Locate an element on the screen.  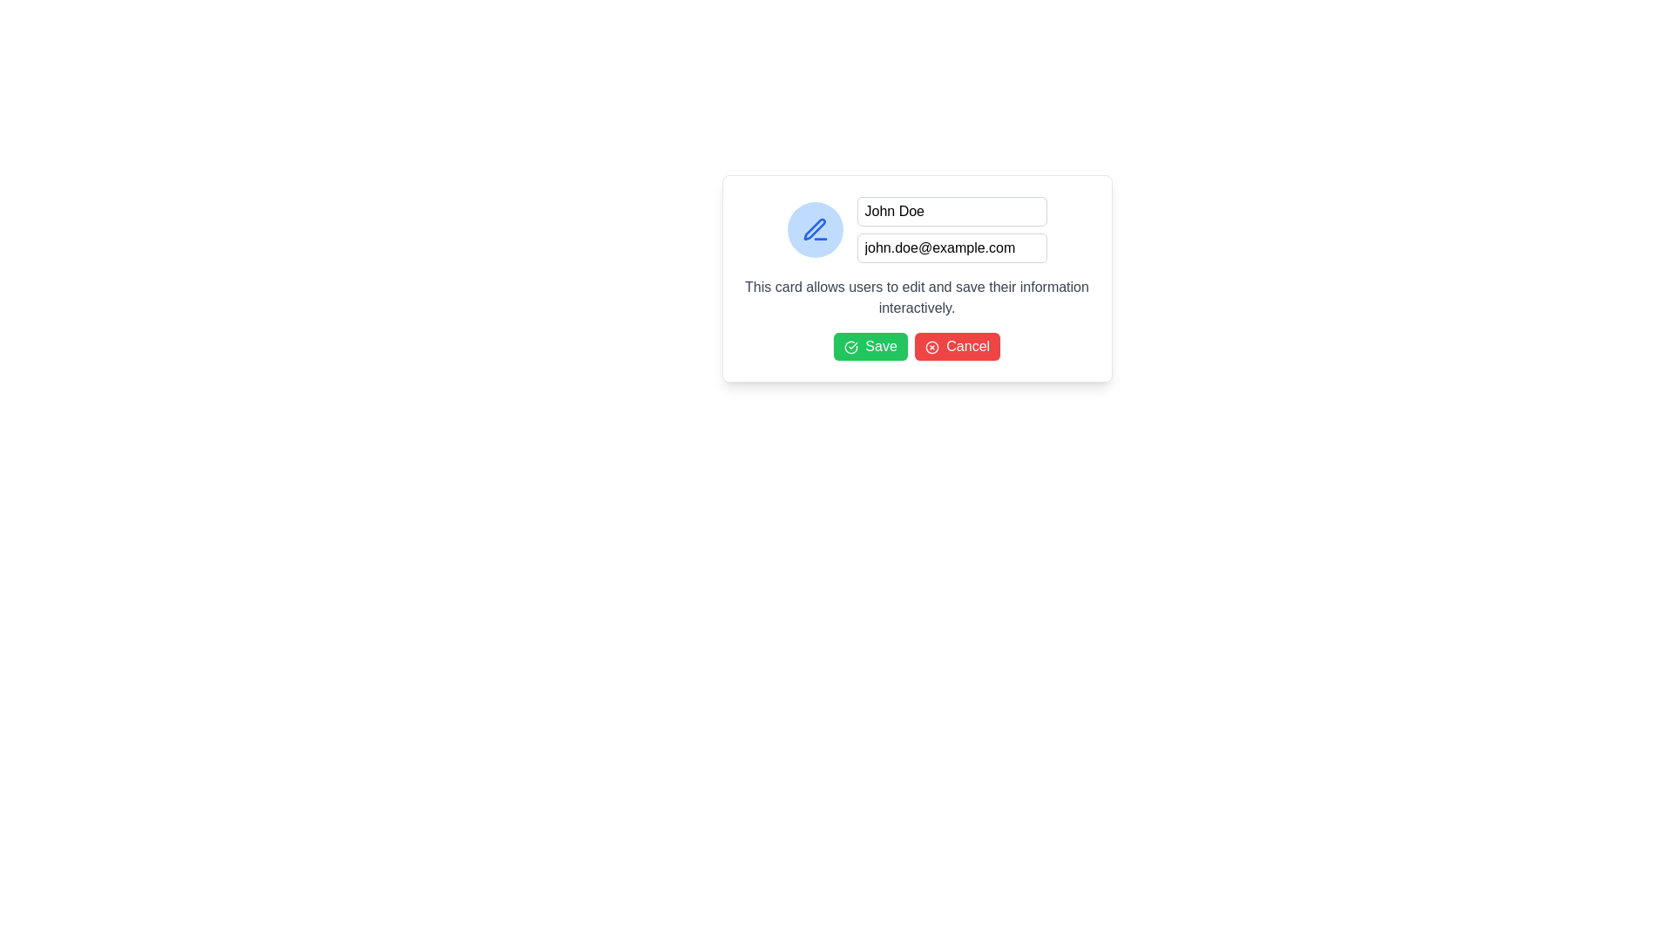
the red 'Cancel' button featuring a circular icon with a cross symbol is located at coordinates (957, 346).